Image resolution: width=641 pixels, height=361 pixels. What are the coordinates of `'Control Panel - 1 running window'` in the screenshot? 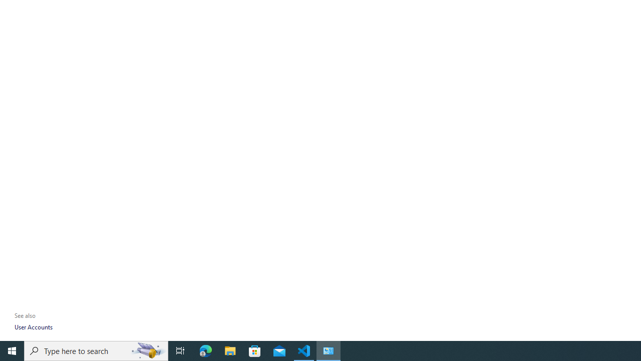 It's located at (329, 350).